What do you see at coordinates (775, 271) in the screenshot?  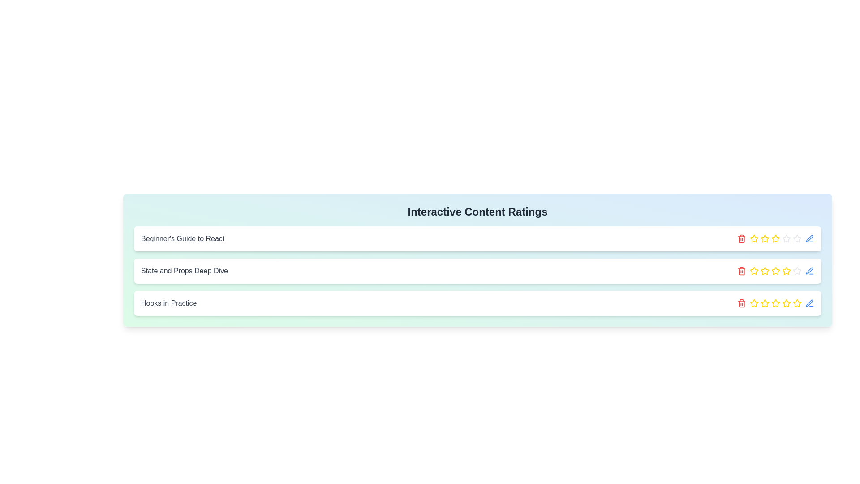 I see `the fourth star icon for ratings, which is a yellow five-pointed star filled with a golden gradient` at bounding box center [775, 271].